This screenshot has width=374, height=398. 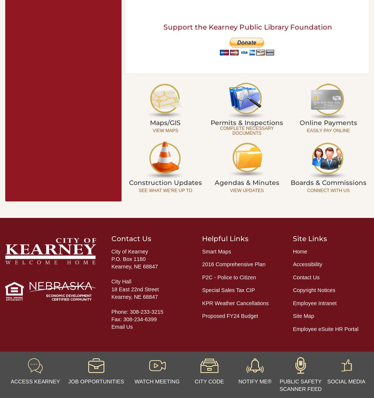 What do you see at coordinates (134, 319) in the screenshot?
I see `'Fax: 308-234-6399'` at bounding box center [134, 319].